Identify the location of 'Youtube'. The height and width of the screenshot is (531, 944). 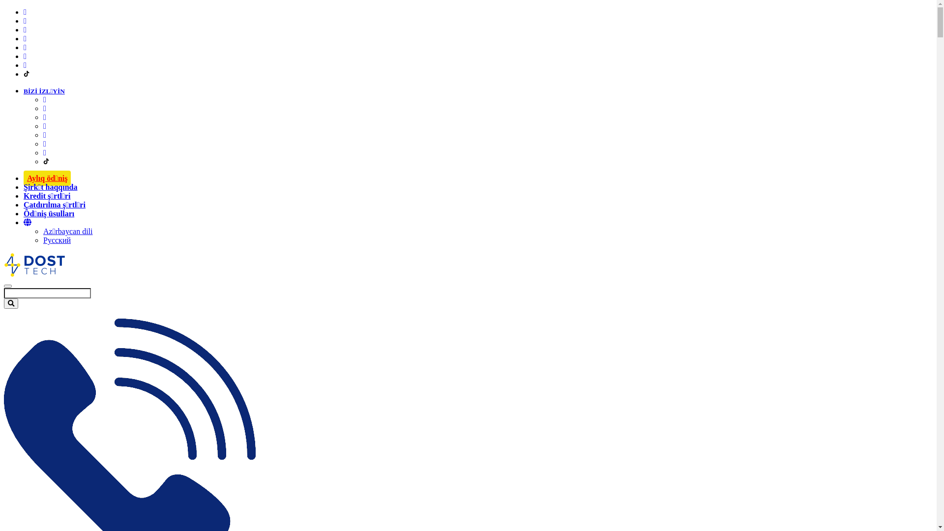
(44, 125).